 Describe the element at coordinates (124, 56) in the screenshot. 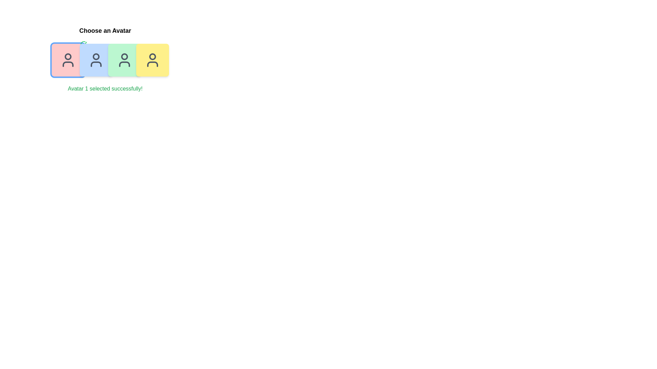

I see `the circular shape that forms the head of the third avatar icon in a list of four avatar options` at that location.